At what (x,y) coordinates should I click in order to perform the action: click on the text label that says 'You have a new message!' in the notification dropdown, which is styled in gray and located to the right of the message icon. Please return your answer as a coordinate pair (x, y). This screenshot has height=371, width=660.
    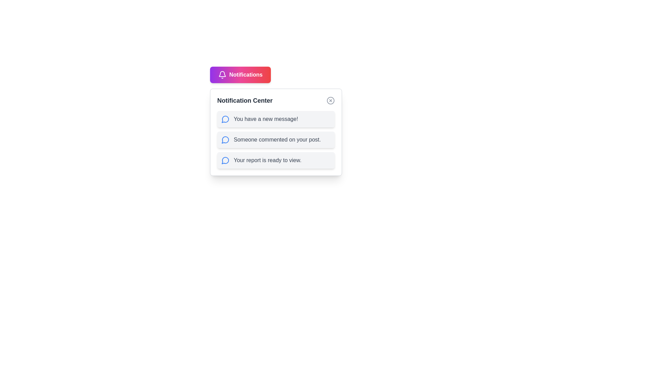
    Looking at the image, I should click on (265, 119).